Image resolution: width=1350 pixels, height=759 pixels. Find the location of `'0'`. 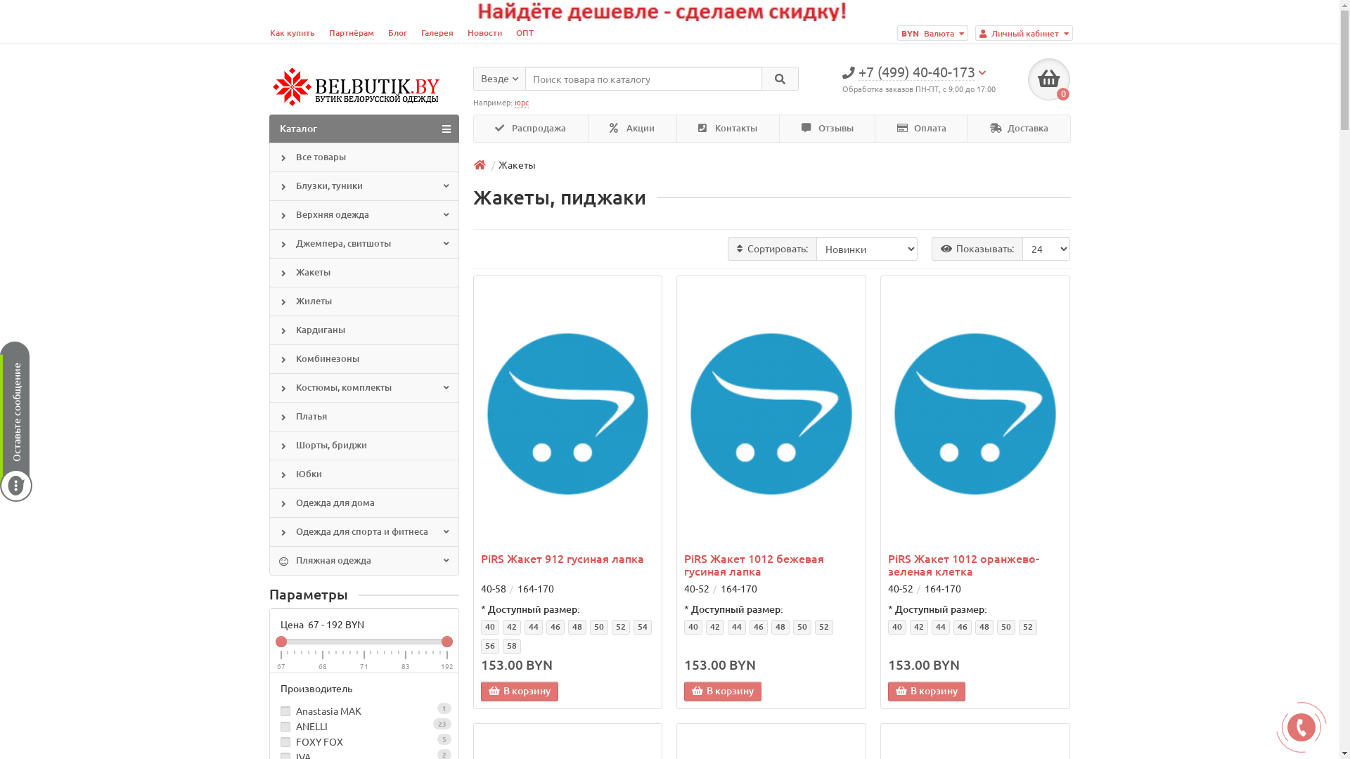

'0' is located at coordinates (1028, 79).